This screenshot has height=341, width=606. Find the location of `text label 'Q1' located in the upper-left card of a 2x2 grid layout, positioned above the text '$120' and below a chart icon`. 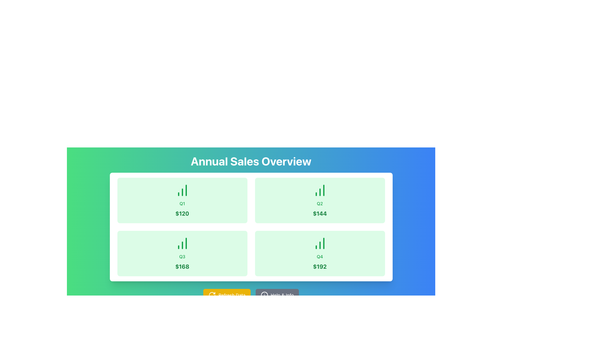

text label 'Q1' located in the upper-left card of a 2x2 grid layout, positioned above the text '$120' and below a chart icon is located at coordinates (182, 203).